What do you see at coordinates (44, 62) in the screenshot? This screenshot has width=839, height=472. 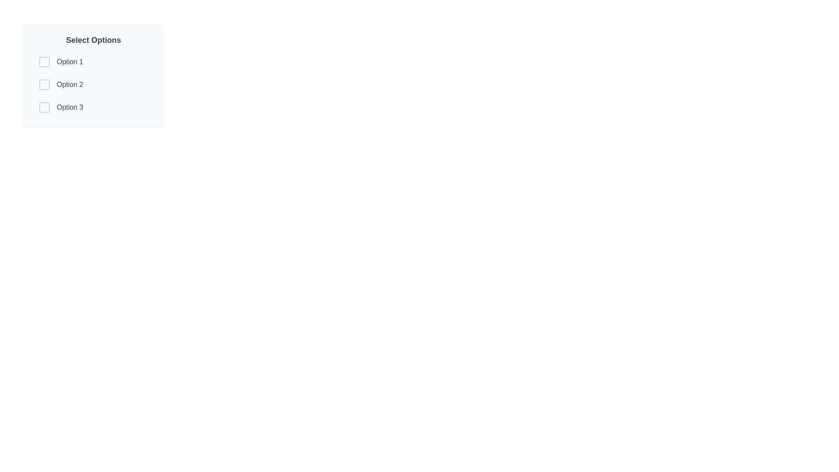 I see `the small square checkbox with a gray border and rounded corners located to the left of 'Option 1'` at bounding box center [44, 62].